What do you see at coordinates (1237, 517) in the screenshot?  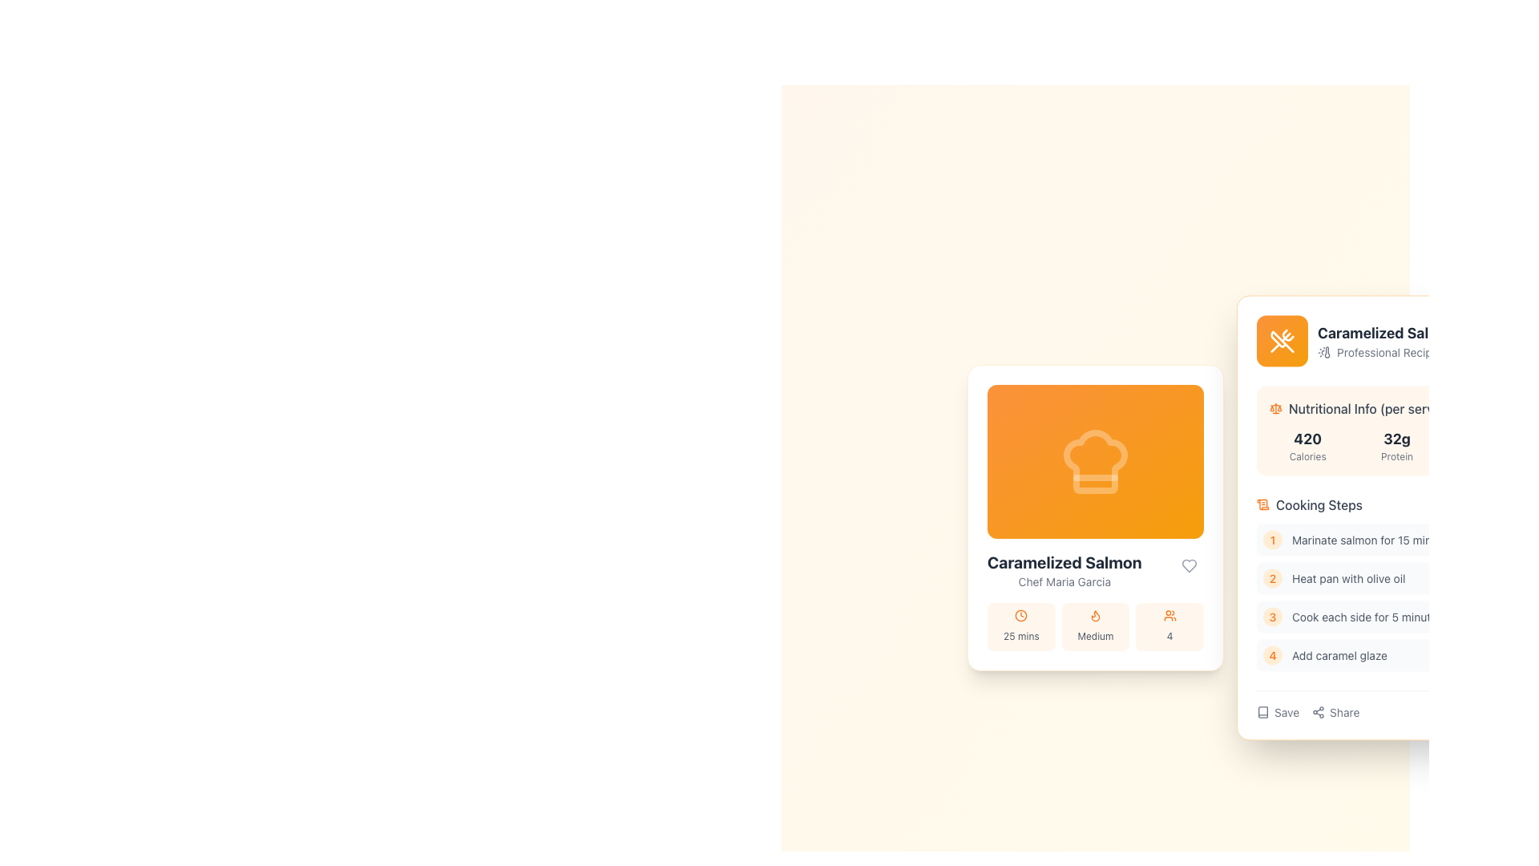 I see `the left-pointing triangular decorative pointer on the left edge of the right panel, which has a white right-side edge and is aligned vertically with the middle of the panel content` at bounding box center [1237, 517].